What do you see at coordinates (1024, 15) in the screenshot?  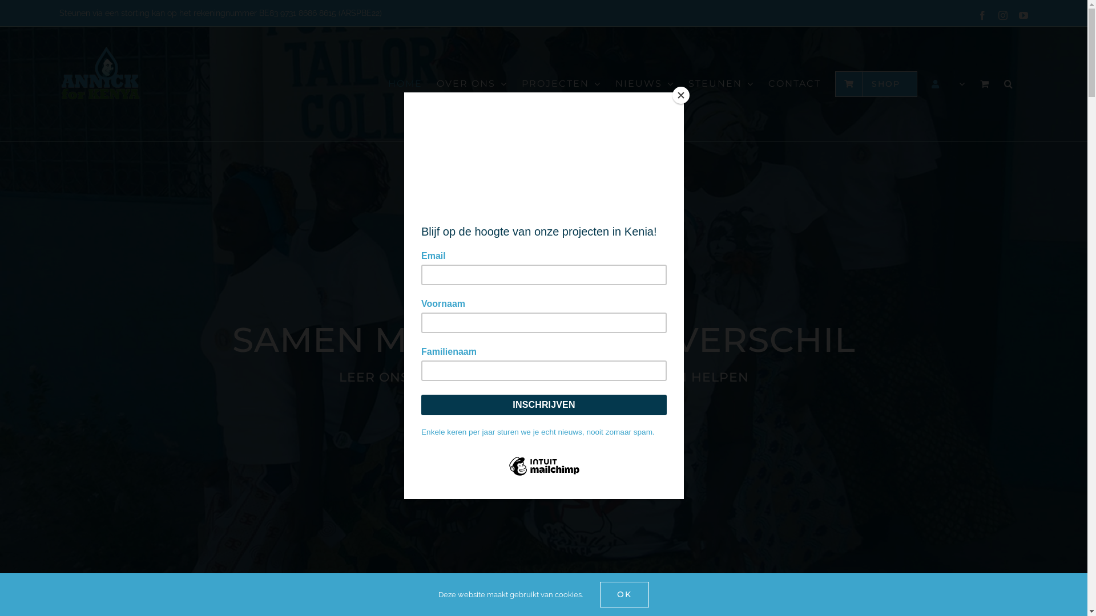 I see `'YouTube'` at bounding box center [1024, 15].